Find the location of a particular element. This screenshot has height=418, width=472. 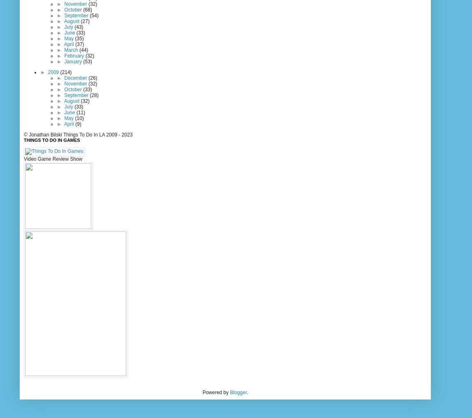

'2009' is located at coordinates (47, 72).